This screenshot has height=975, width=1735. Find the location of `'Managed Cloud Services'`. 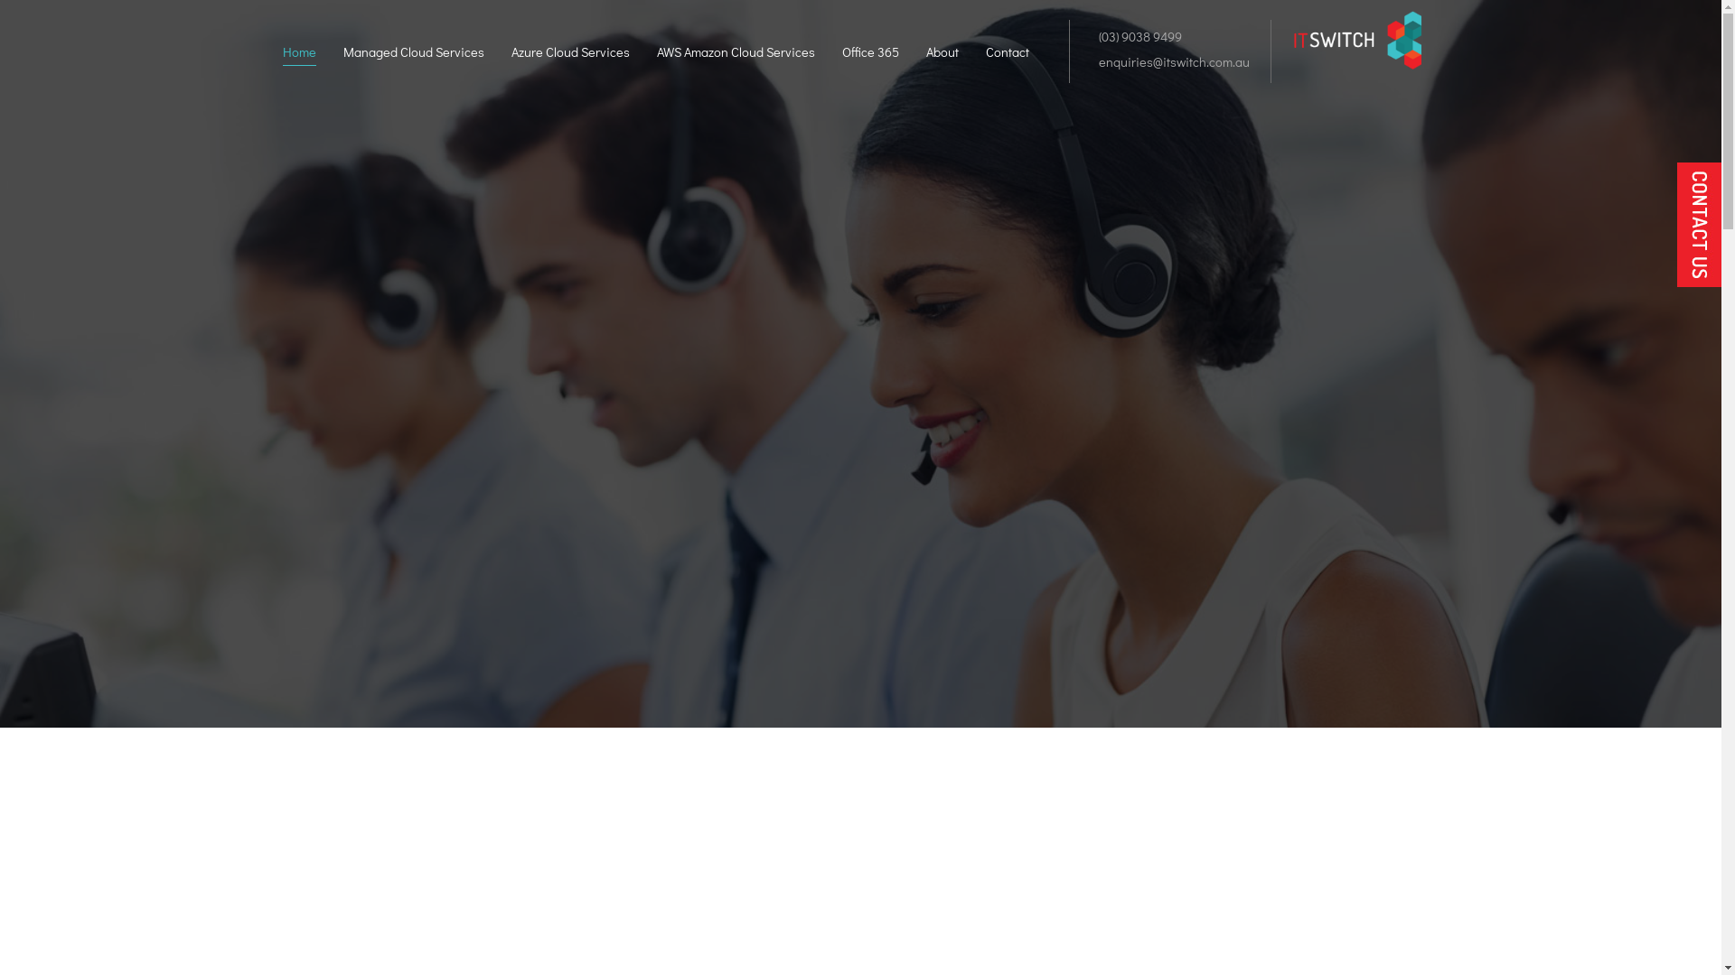

'Managed Cloud Services' is located at coordinates (342, 53).